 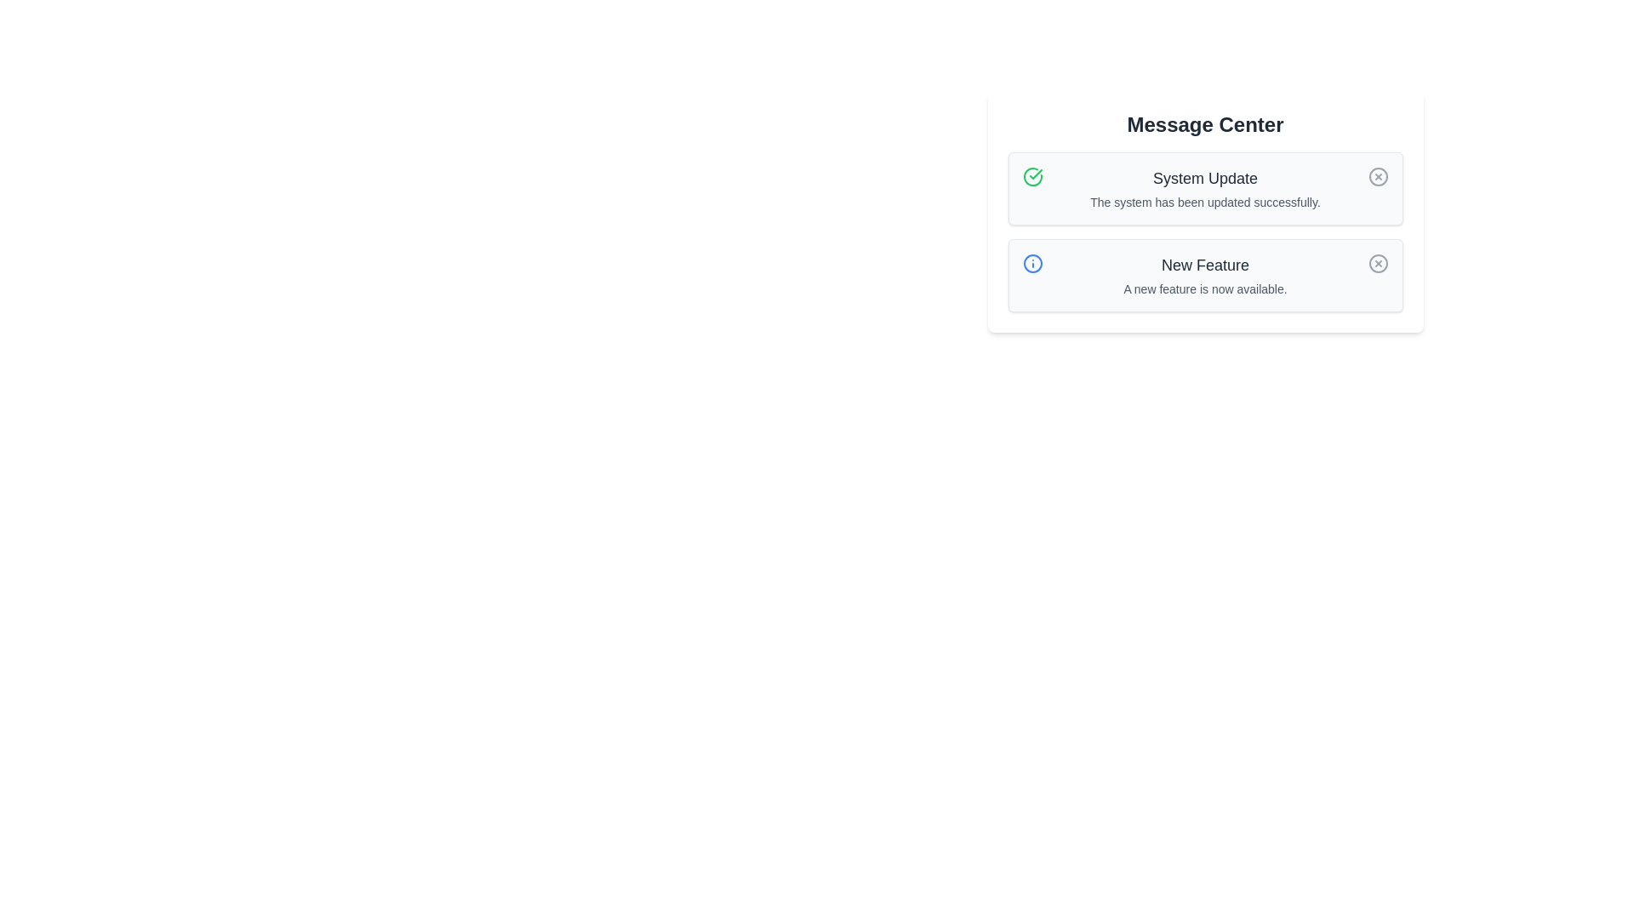 What do you see at coordinates (1031, 263) in the screenshot?
I see `the blue circular shape with a white center in the 'New Feature' message section of the 'Message Center' interface` at bounding box center [1031, 263].